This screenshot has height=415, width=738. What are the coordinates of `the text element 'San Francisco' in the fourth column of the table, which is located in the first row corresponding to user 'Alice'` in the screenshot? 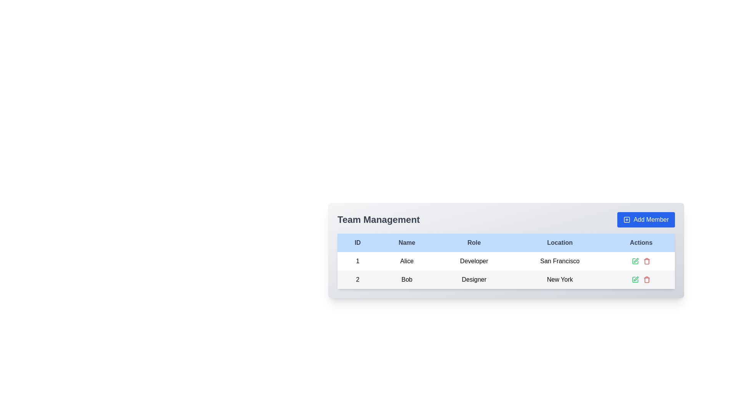 It's located at (560, 261).